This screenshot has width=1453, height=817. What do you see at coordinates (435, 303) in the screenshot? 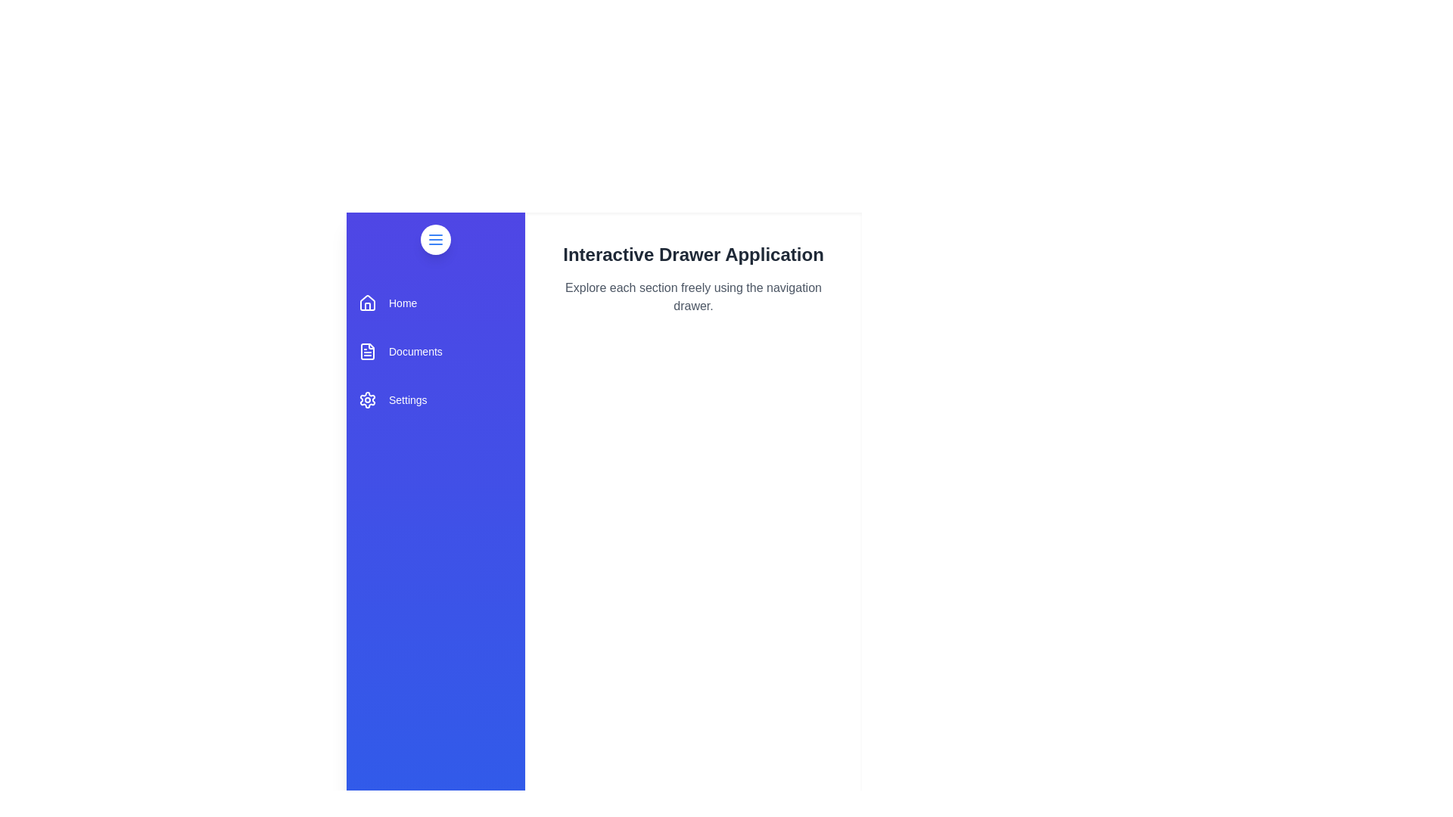
I see `the 'Home' section in the navigation drawer` at bounding box center [435, 303].